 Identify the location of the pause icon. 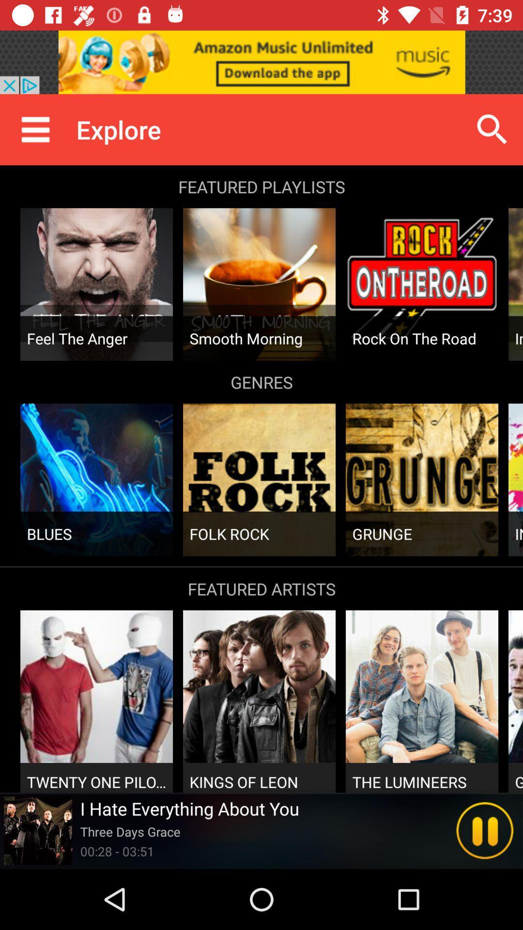
(485, 830).